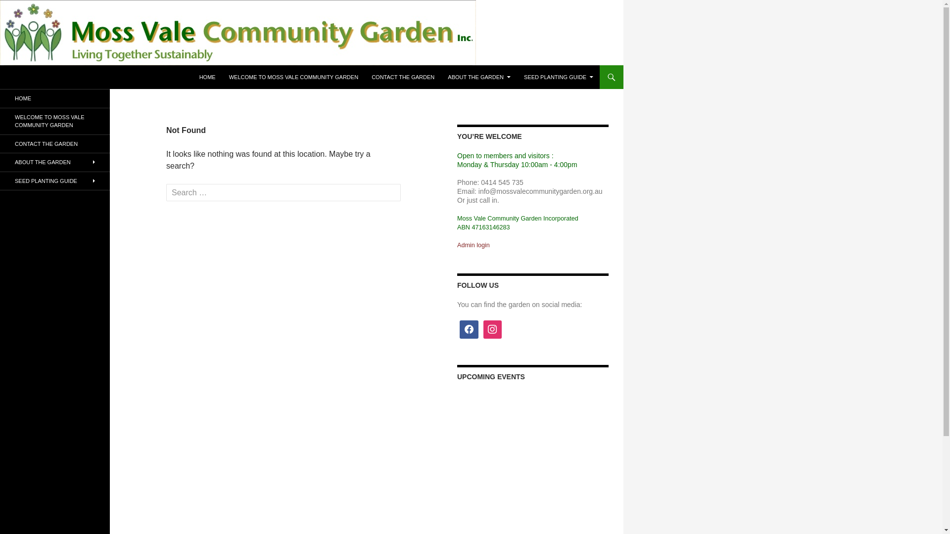 The height and width of the screenshot is (534, 950). Describe the element at coordinates (27, 8) in the screenshot. I see `'Search'` at that location.